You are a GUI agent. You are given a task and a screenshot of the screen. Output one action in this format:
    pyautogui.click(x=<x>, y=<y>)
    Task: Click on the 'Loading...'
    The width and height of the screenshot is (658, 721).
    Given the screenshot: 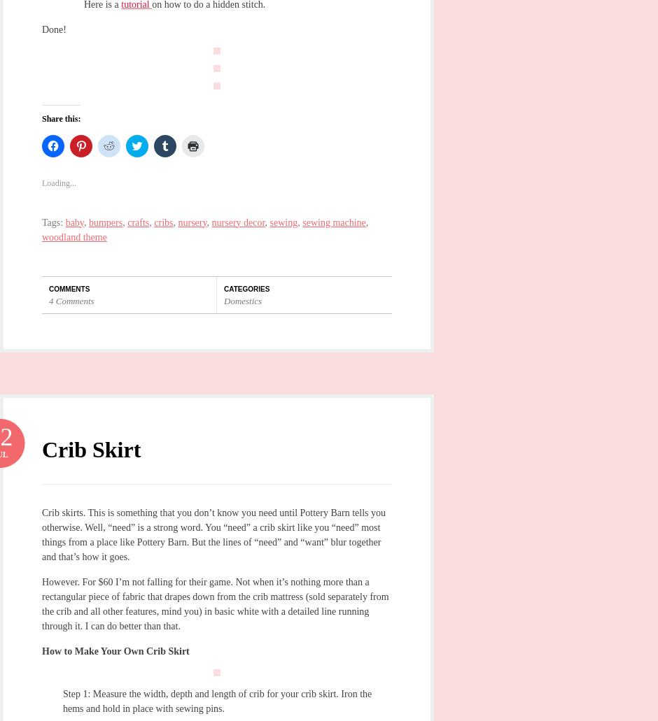 What is the action you would take?
    pyautogui.click(x=59, y=183)
    